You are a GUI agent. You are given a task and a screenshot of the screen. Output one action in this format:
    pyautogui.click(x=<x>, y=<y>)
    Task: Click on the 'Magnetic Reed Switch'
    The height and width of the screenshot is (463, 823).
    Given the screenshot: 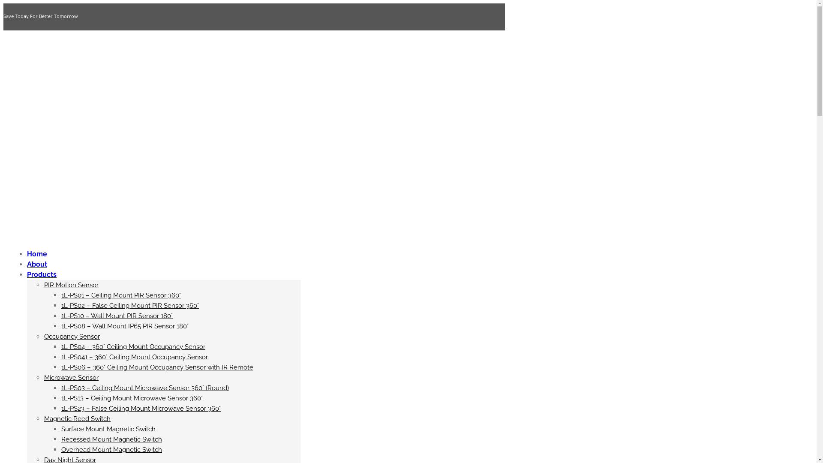 What is the action you would take?
    pyautogui.click(x=43, y=418)
    